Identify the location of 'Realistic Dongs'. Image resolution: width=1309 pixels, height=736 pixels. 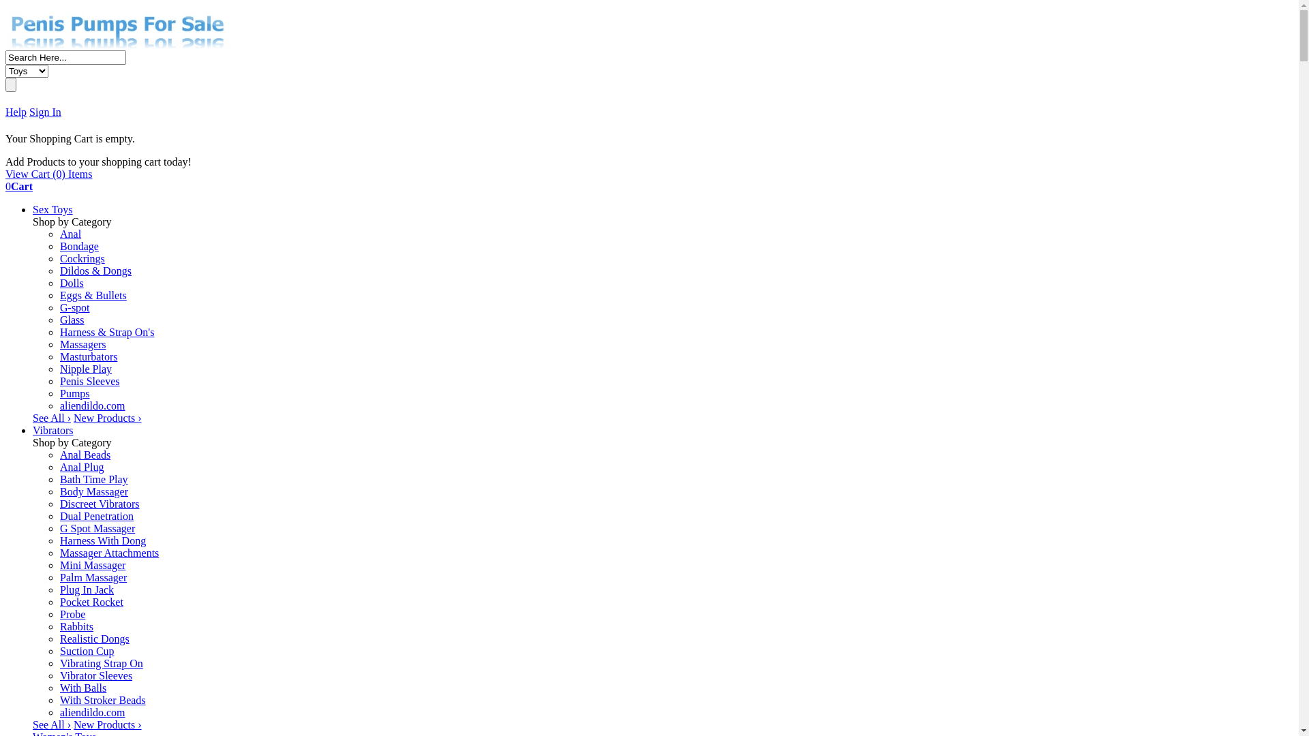
(94, 639).